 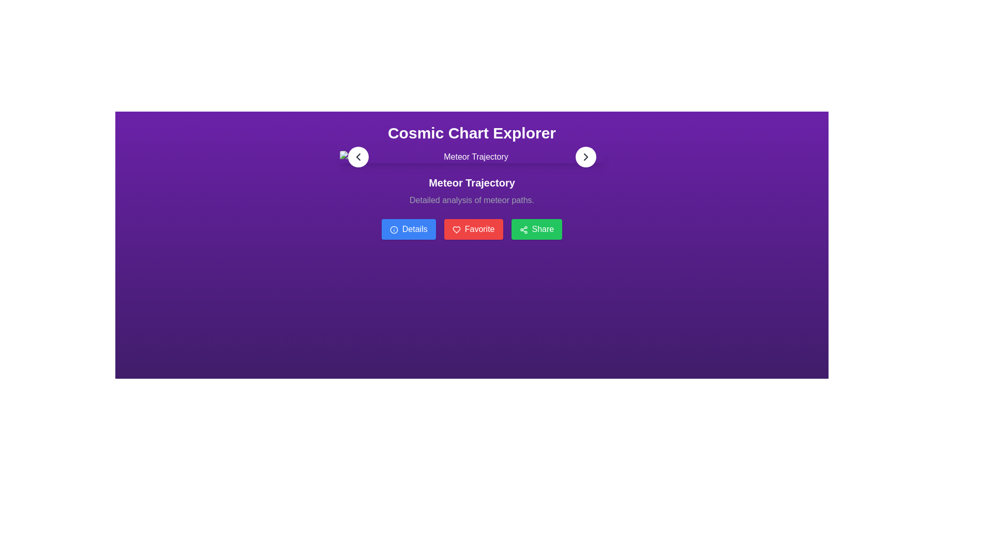 What do you see at coordinates (471, 191) in the screenshot?
I see `the static informational text block that displays 'Meteor Trajectory' in bold as the title and 'Detailed analysis of meteor paths.' as the subtitle, positioned centrally under 'Cosmic Chart Explorer'` at bounding box center [471, 191].